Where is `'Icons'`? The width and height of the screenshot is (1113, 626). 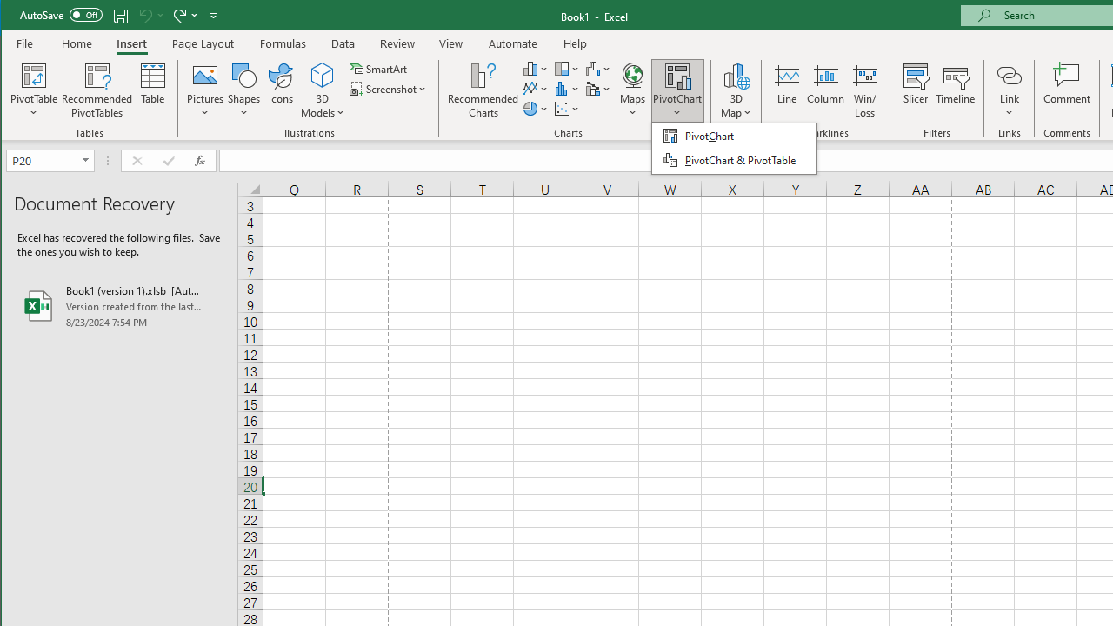
'Icons' is located at coordinates (281, 90).